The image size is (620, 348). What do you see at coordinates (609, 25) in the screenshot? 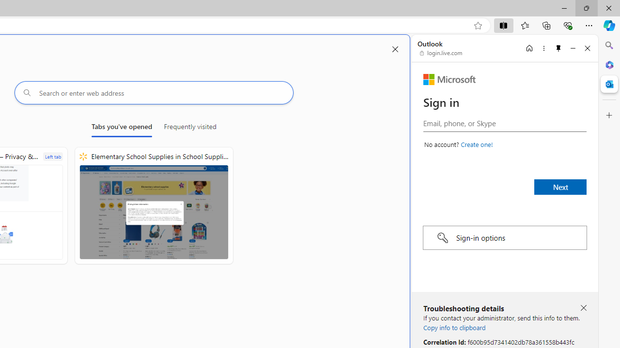
I see `'Copilot (Ctrl+Shift+.)'` at bounding box center [609, 25].